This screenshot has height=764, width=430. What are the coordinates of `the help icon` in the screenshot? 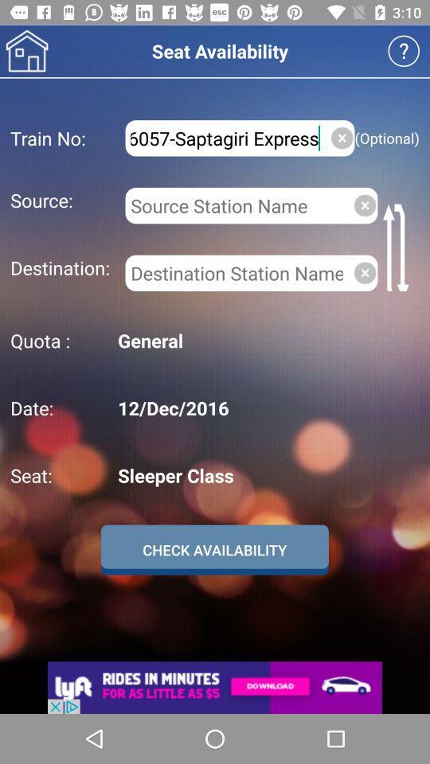 It's located at (404, 51).